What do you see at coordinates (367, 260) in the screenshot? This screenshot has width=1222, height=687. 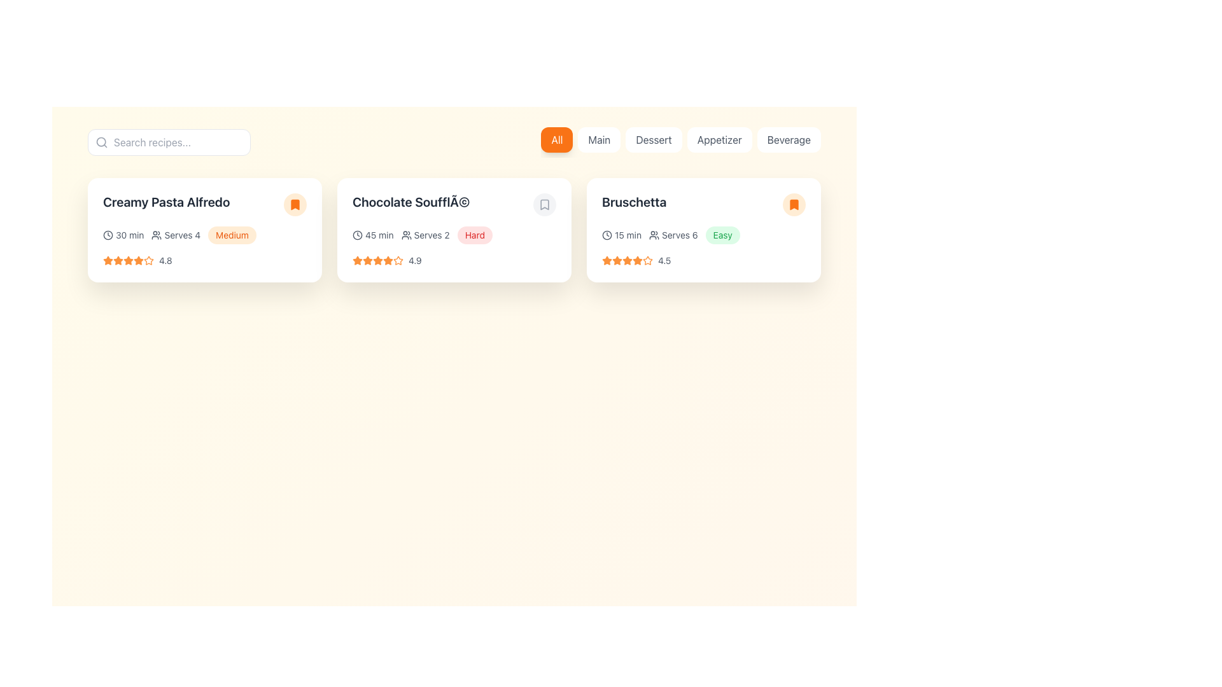 I see `the orange filled star icon, which is the third star in the horizontal rating bar under the 'Chocolate Soufflé' recipe card, indicating a rating of 4.9` at bounding box center [367, 260].